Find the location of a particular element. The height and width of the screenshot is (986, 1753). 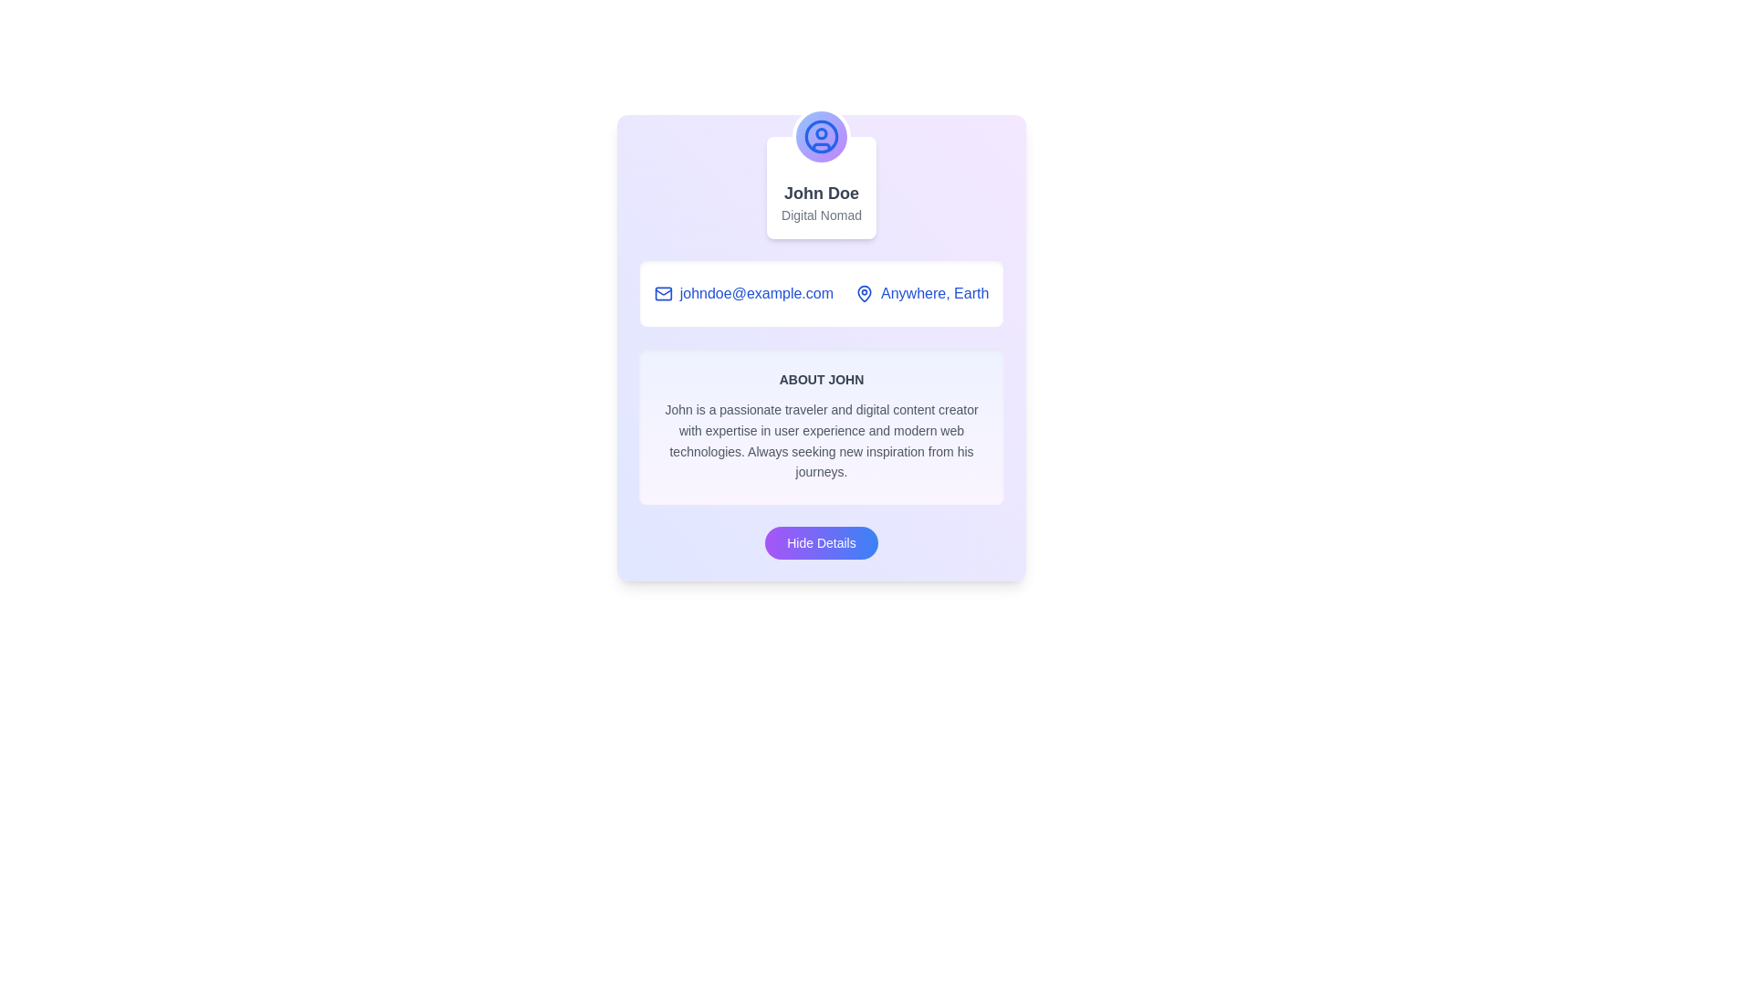

the text label that serves as a title or heading for the content about John, positioned centrally above the descriptive paragraph is located at coordinates (821, 379).